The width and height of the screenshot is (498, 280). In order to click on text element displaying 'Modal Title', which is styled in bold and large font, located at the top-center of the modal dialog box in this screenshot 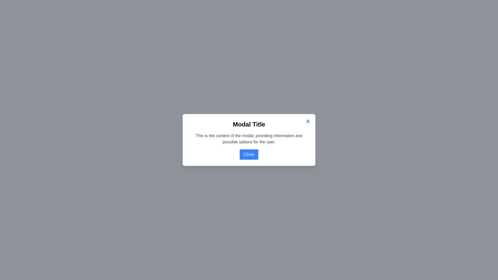, I will do `click(249, 124)`.